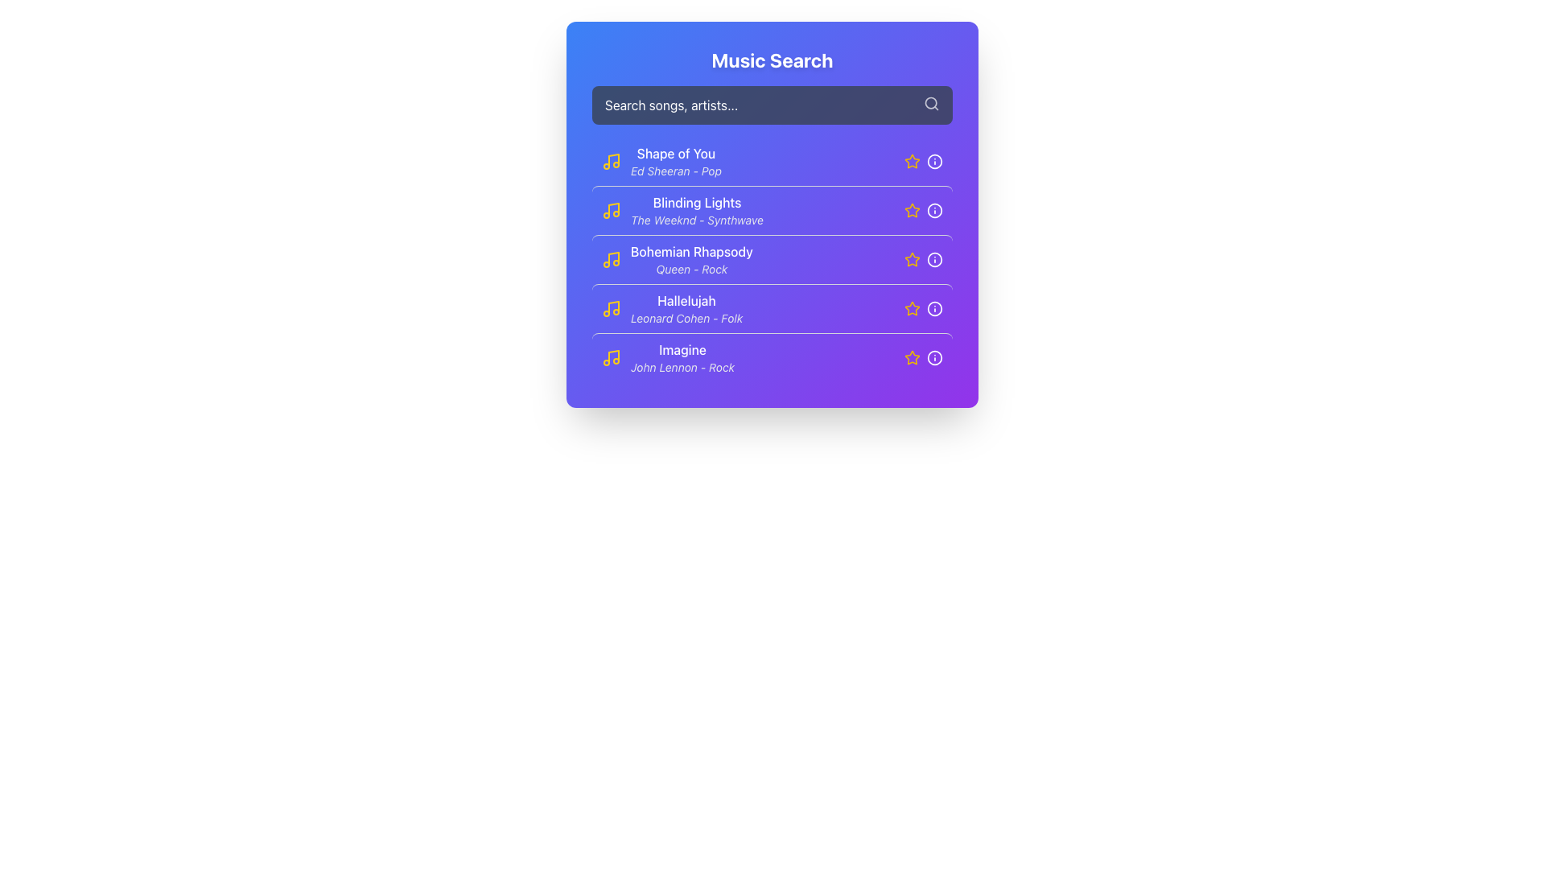 This screenshot has width=1545, height=869. I want to click on the informational icon for the song 'Imagine' by John Lennon, located at the rightmost side of its row, second from the left, so click(934, 356).